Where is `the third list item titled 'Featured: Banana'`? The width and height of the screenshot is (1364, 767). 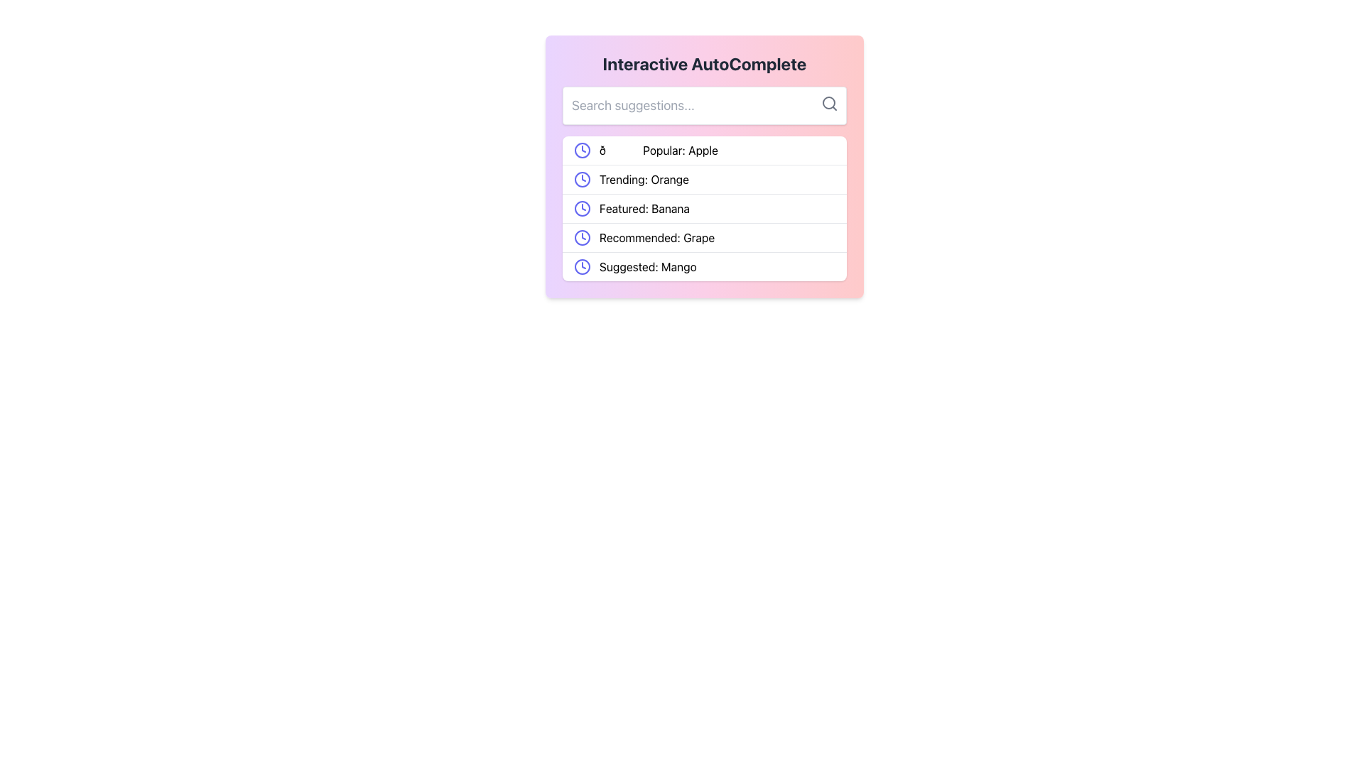
the third list item titled 'Featured: Banana' is located at coordinates (705, 208).